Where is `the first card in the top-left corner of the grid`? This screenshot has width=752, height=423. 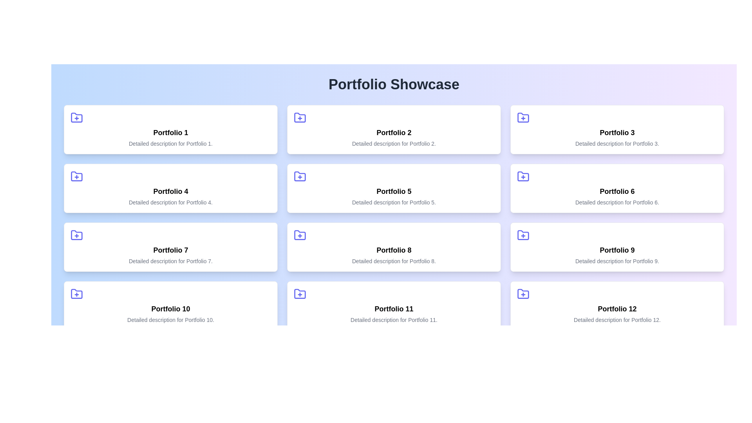
the first card in the top-left corner of the grid is located at coordinates (170, 129).